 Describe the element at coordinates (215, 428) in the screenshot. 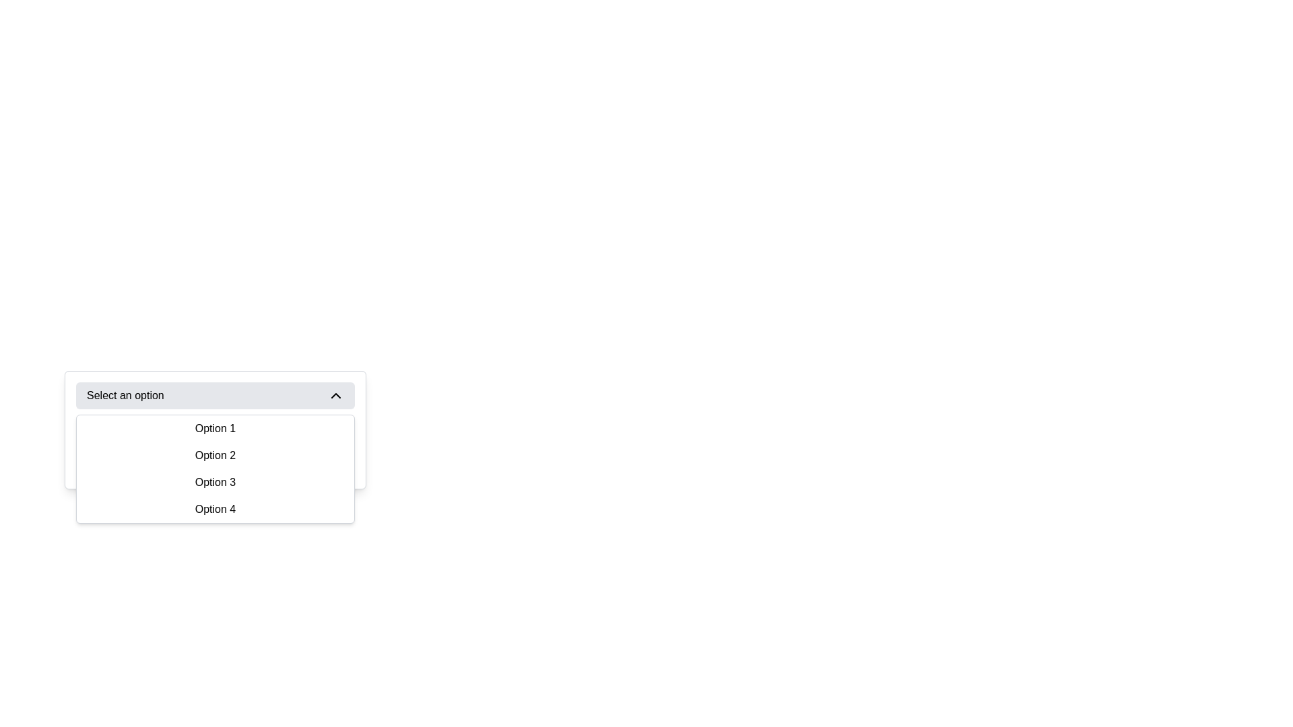

I see `the selectable menu option displaying 'Option 1' in the dropdown menu` at that location.